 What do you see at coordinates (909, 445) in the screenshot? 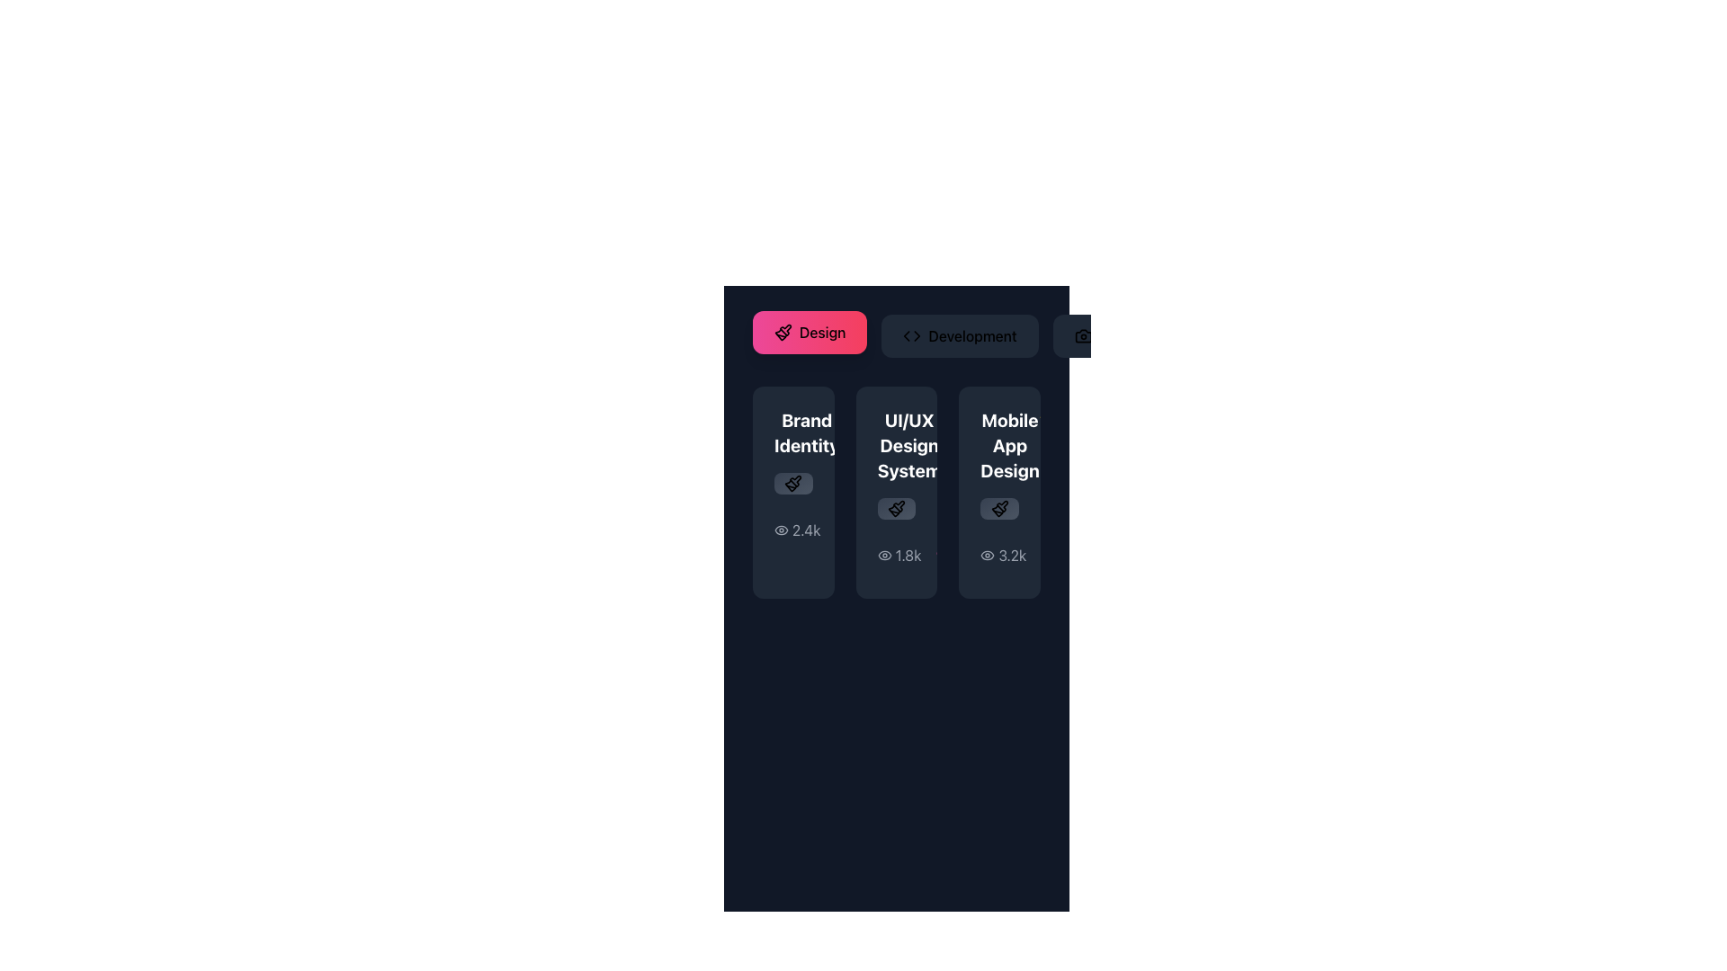
I see `the text label that serves as the title for the second card in the 'Design' section, which indicates the content category of the card` at bounding box center [909, 445].